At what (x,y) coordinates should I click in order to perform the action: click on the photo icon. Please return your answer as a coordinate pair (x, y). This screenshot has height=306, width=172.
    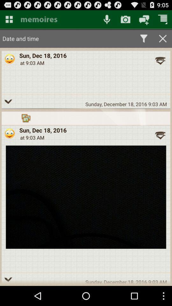
    Looking at the image, I should click on (125, 20).